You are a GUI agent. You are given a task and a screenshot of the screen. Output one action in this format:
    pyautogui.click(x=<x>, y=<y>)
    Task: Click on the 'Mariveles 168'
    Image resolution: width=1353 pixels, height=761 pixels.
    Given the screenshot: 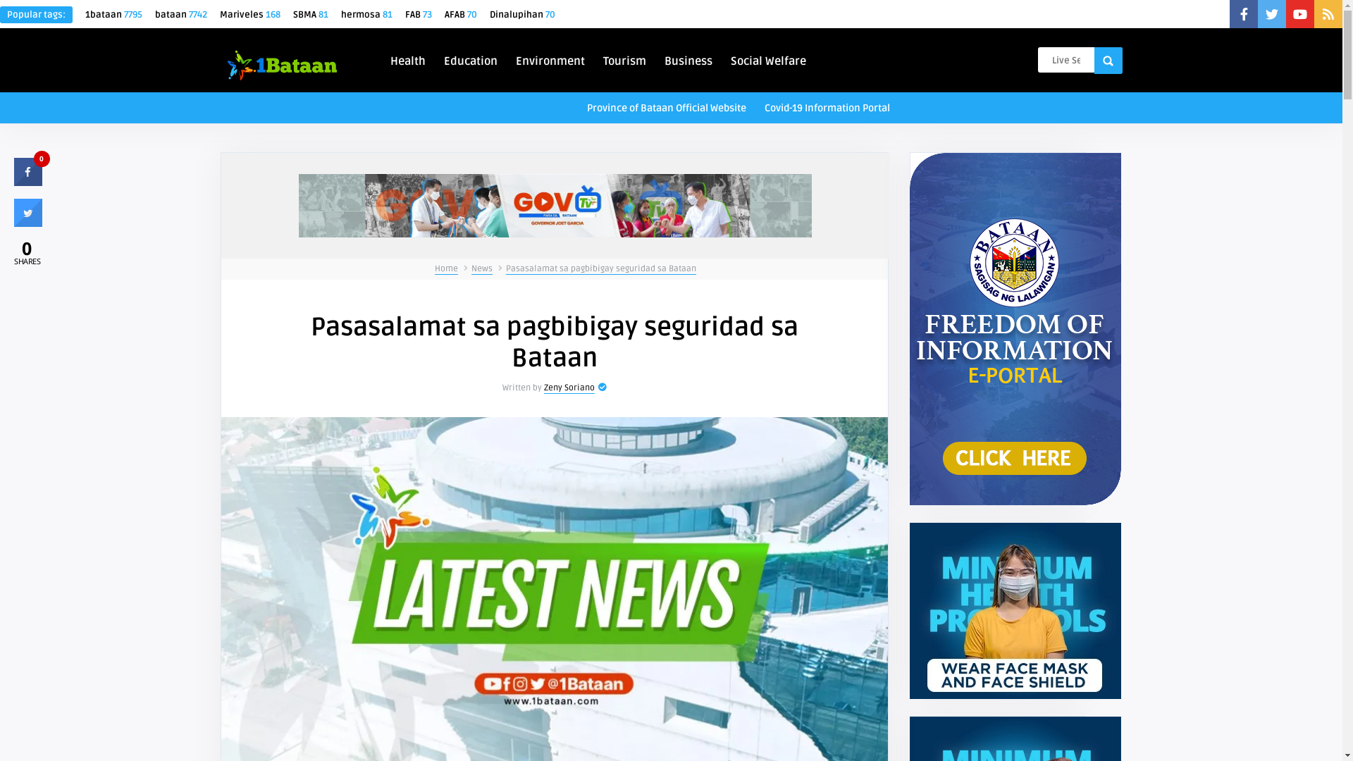 What is the action you would take?
    pyautogui.click(x=250, y=14)
    